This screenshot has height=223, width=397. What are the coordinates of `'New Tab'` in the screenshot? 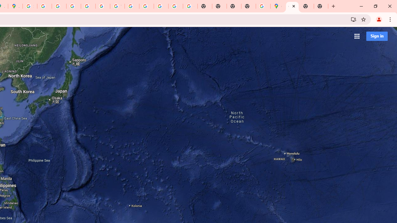 It's located at (307, 6).